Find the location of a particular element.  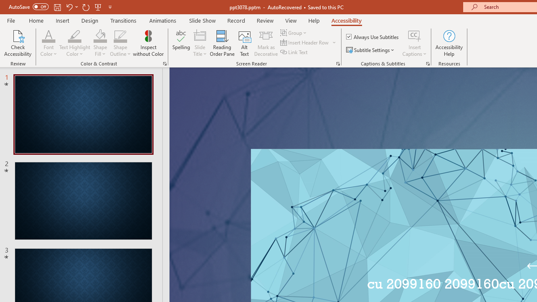

'Group' is located at coordinates (295, 32).